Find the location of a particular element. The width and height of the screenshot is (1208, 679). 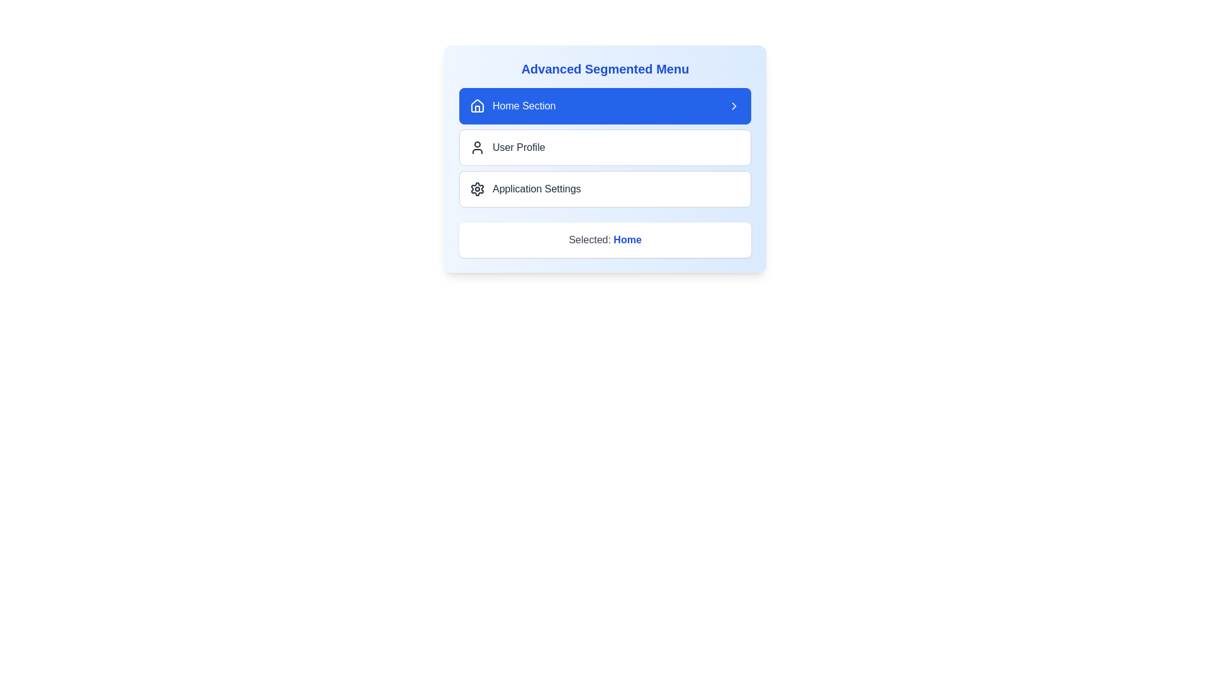

the chevron icon located to the far-right of the 'Home Section' button is located at coordinates (734, 106).